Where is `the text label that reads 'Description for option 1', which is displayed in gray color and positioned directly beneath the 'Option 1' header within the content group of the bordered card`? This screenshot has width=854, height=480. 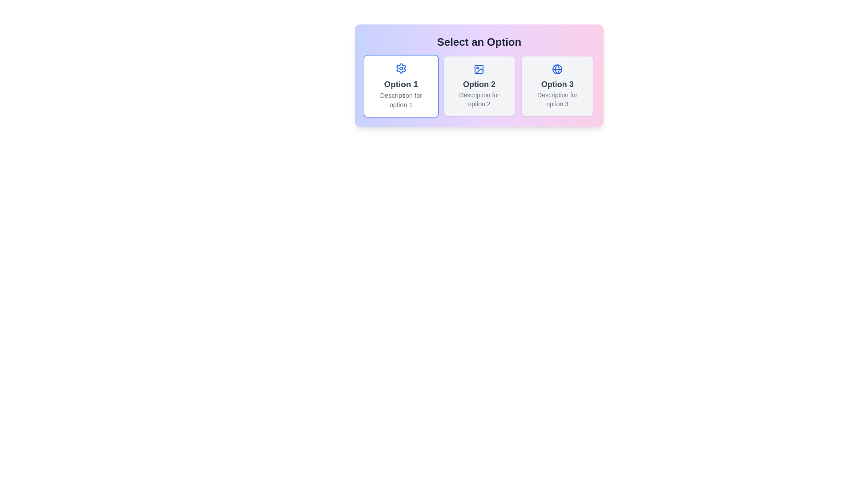
the text label that reads 'Description for option 1', which is displayed in gray color and positioned directly beneath the 'Option 1' header within the content group of the bordered card is located at coordinates (400, 100).